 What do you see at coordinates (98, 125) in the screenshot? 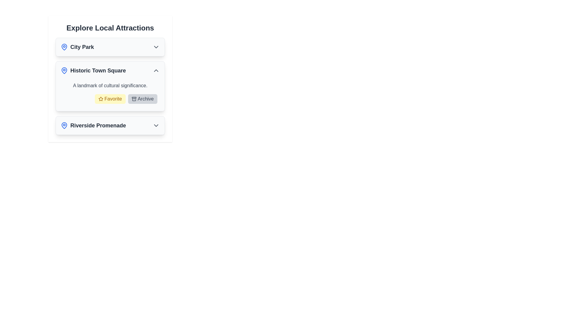
I see `text content of the bold, medium-sized label displaying 'Riverside Promenade' in dark gray, located under the 'Explore Local Attractions' section` at bounding box center [98, 125].